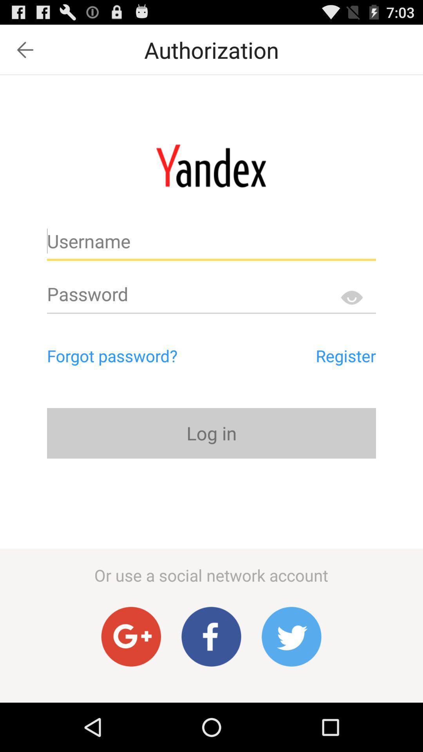 The width and height of the screenshot is (423, 752). I want to click on text, so click(211, 297).